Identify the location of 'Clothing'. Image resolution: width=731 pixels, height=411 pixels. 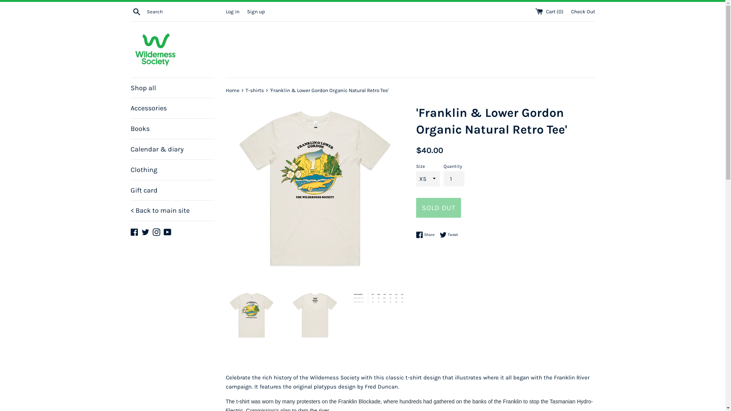
(130, 169).